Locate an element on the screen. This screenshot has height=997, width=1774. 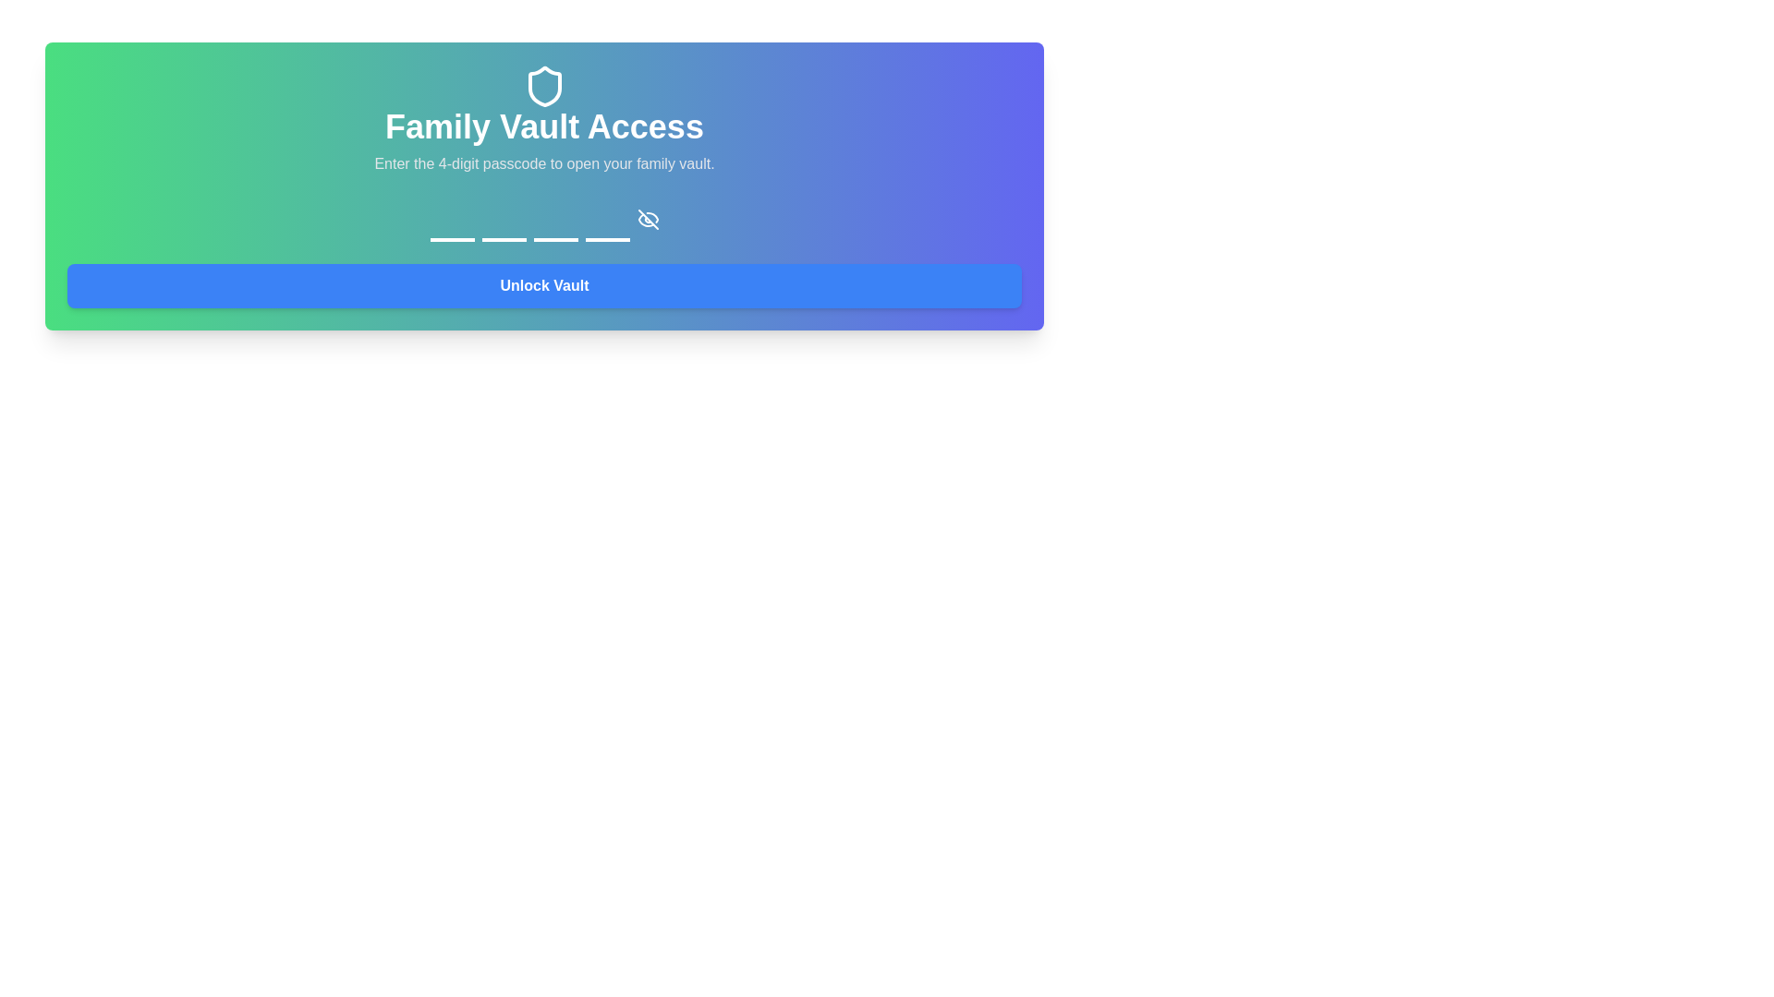
the button at the bottom of the 'Family Vault Access' section is located at coordinates (543, 285).